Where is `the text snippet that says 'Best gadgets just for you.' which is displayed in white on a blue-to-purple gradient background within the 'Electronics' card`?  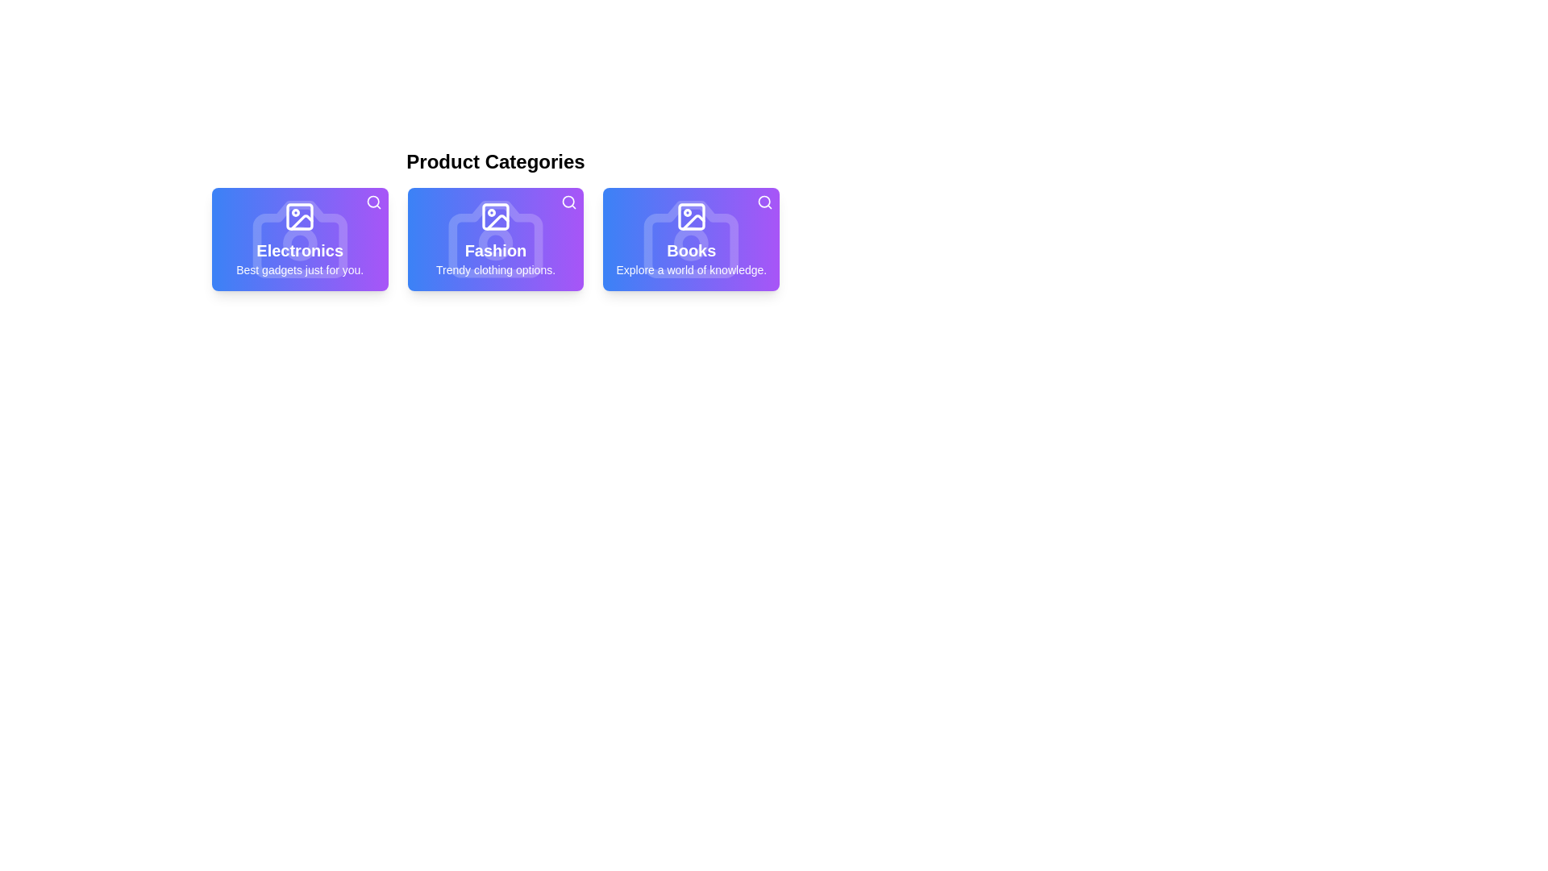 the text snippet that says 'Best gadgets just for you.' which is displayed in white on a blue-to-purple gradient background within the 'Electronics' card is located at coordinates (300, 269).